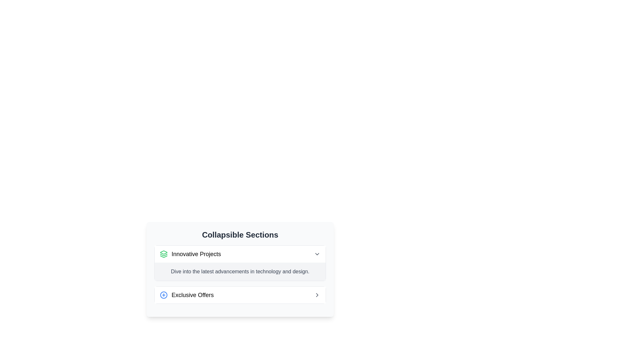  What do you see at coordinates (317, 295) in the screenshot?
I see `the right-pointing chevron icon next to the 'Exclusive Offers' text` at bounding box center [317, 295].